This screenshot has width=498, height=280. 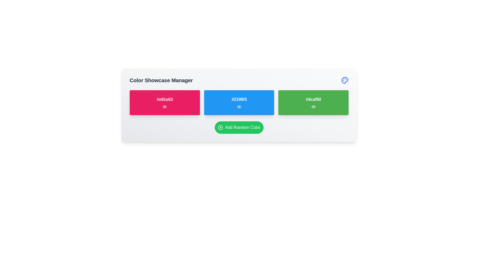 I want to click on the visibility toggle icon located in the center of the blue tile labeled '#2196f3', positioned below the text within the tile, so click(x=239, y=107).